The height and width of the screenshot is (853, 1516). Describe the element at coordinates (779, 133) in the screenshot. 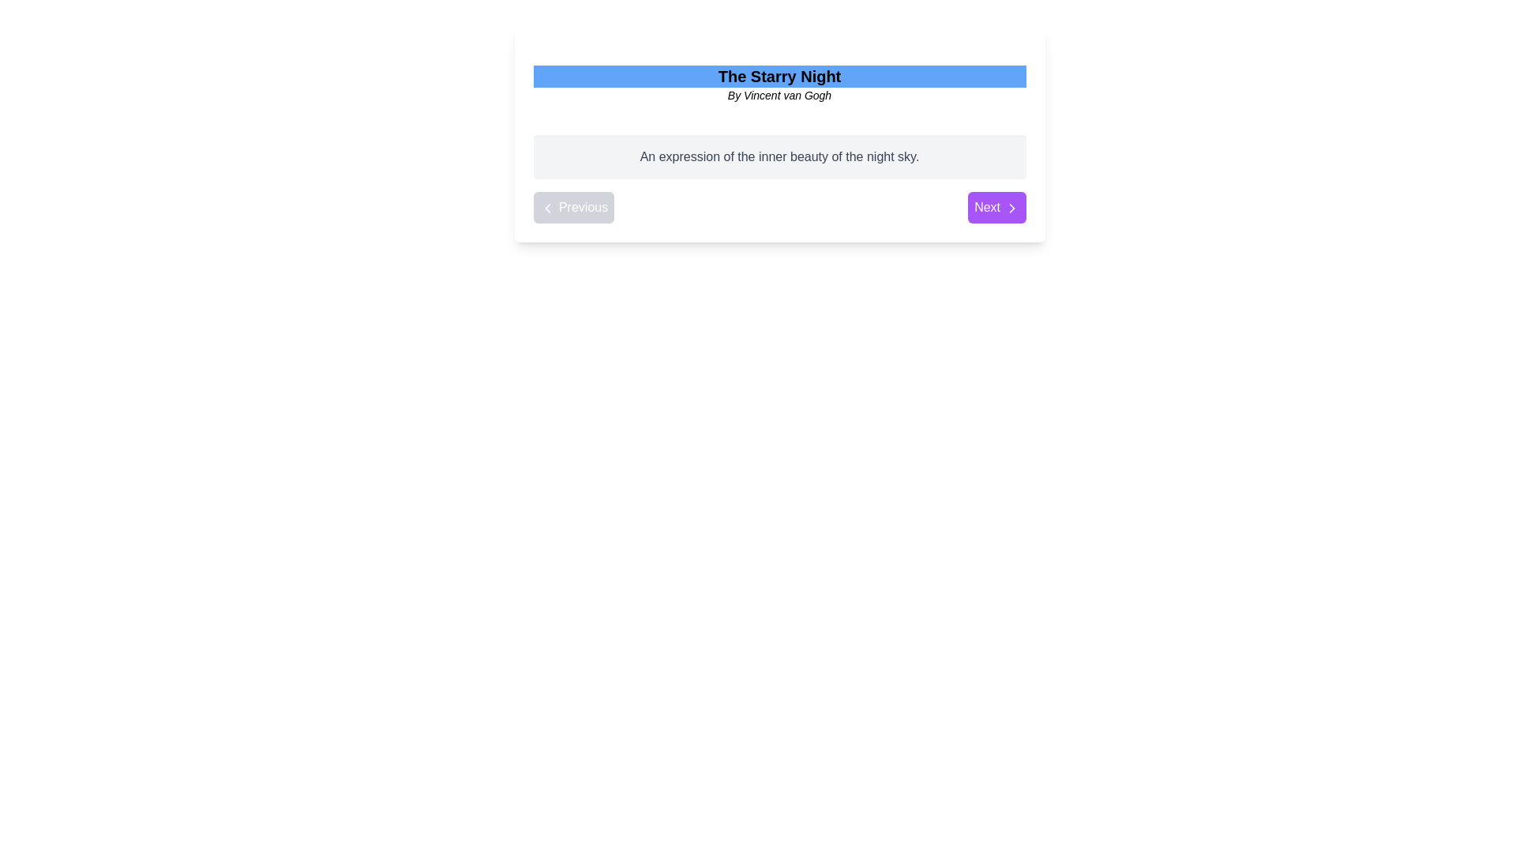

I see `description of 'The Starry Night' painting displayed on the Card component, which is centered in the middle top area of the interface` at that location.